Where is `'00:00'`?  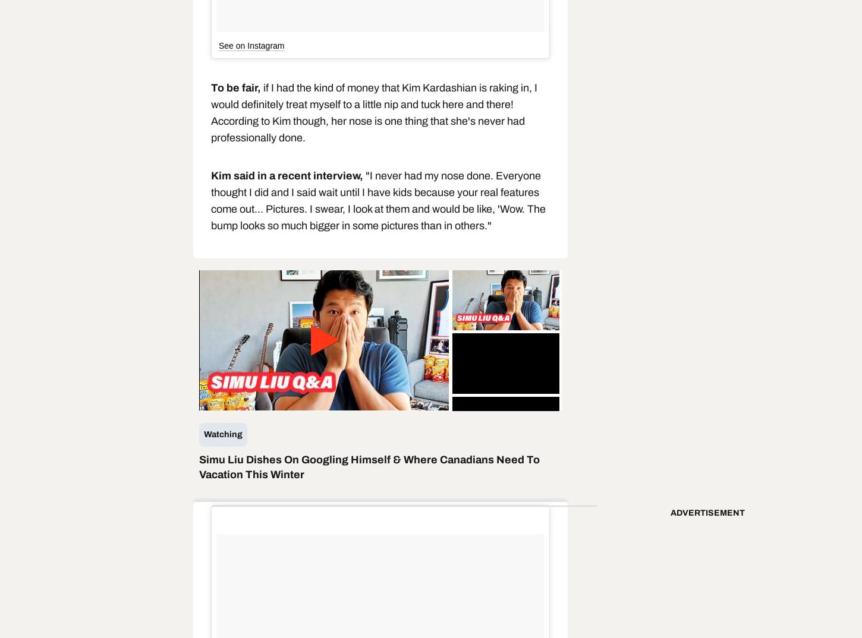
'00:00' is located at coordinates (258, 400).